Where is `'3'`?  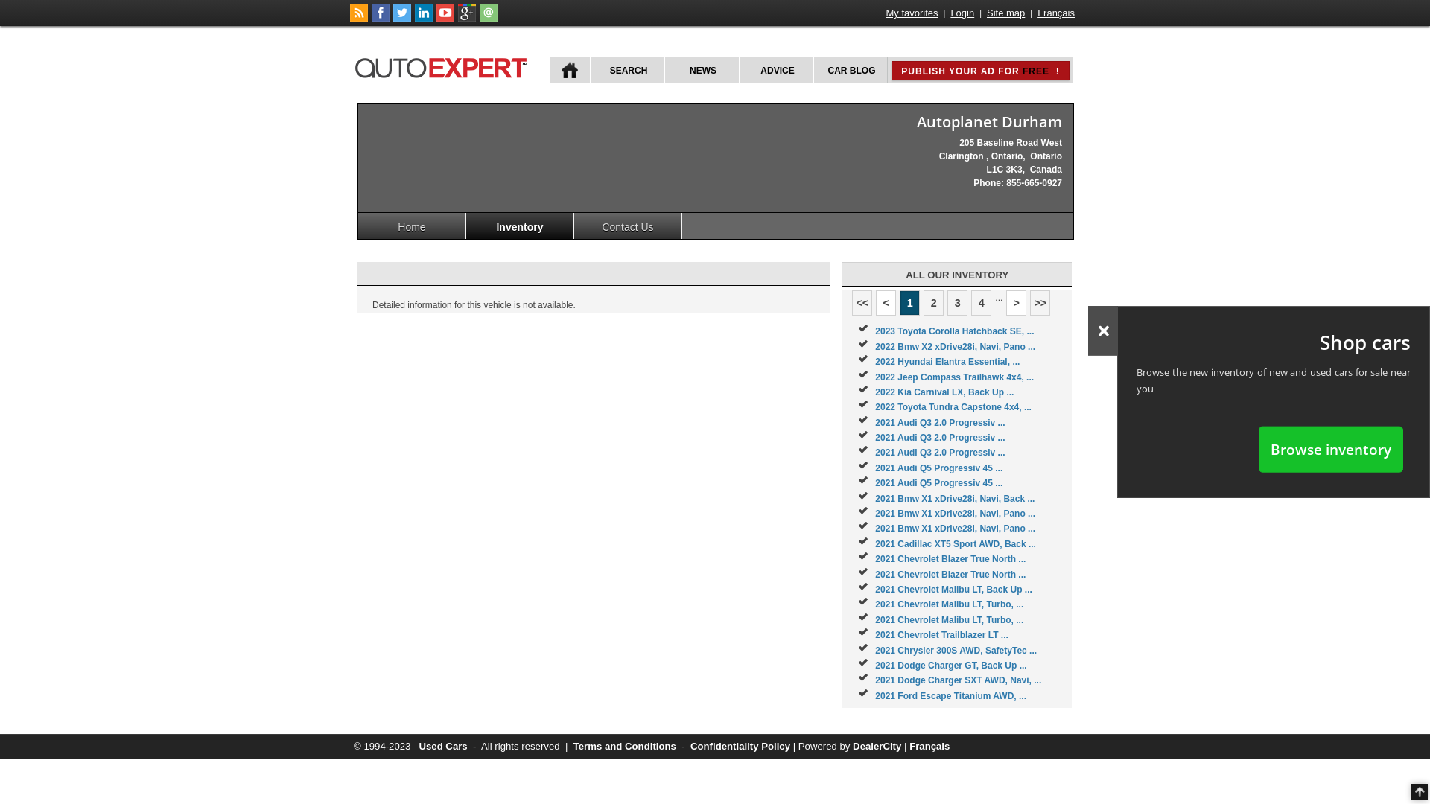 '3' is located at coordinates (957, 302).